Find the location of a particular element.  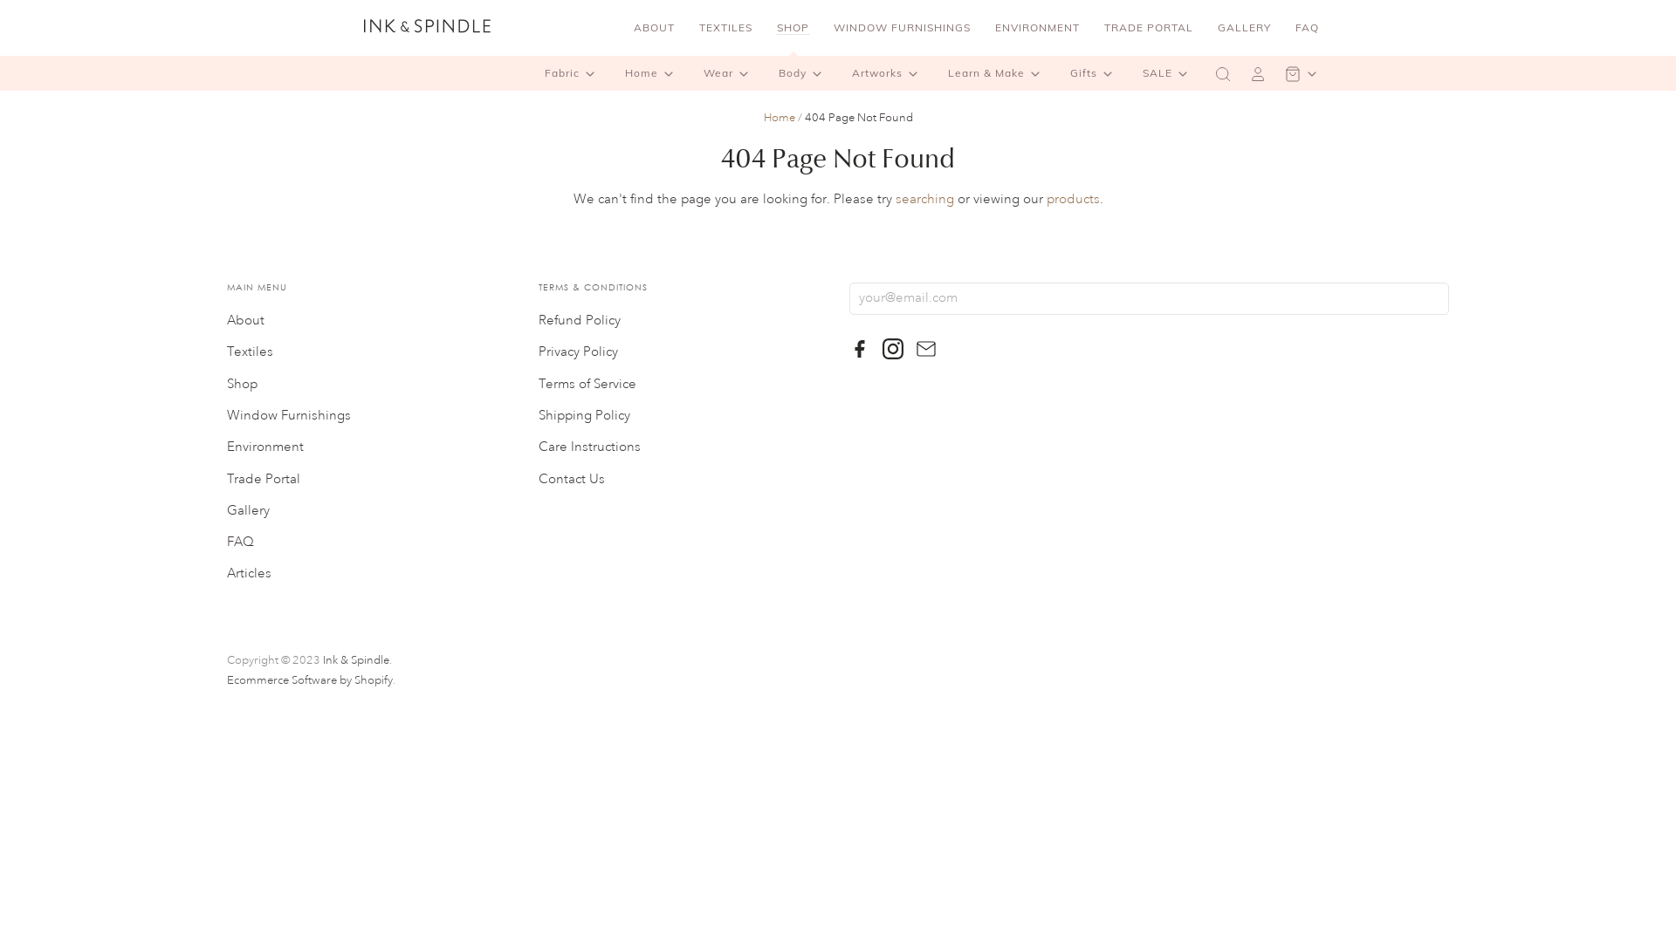

'Contact Us' is located at coordinates (571, 479).